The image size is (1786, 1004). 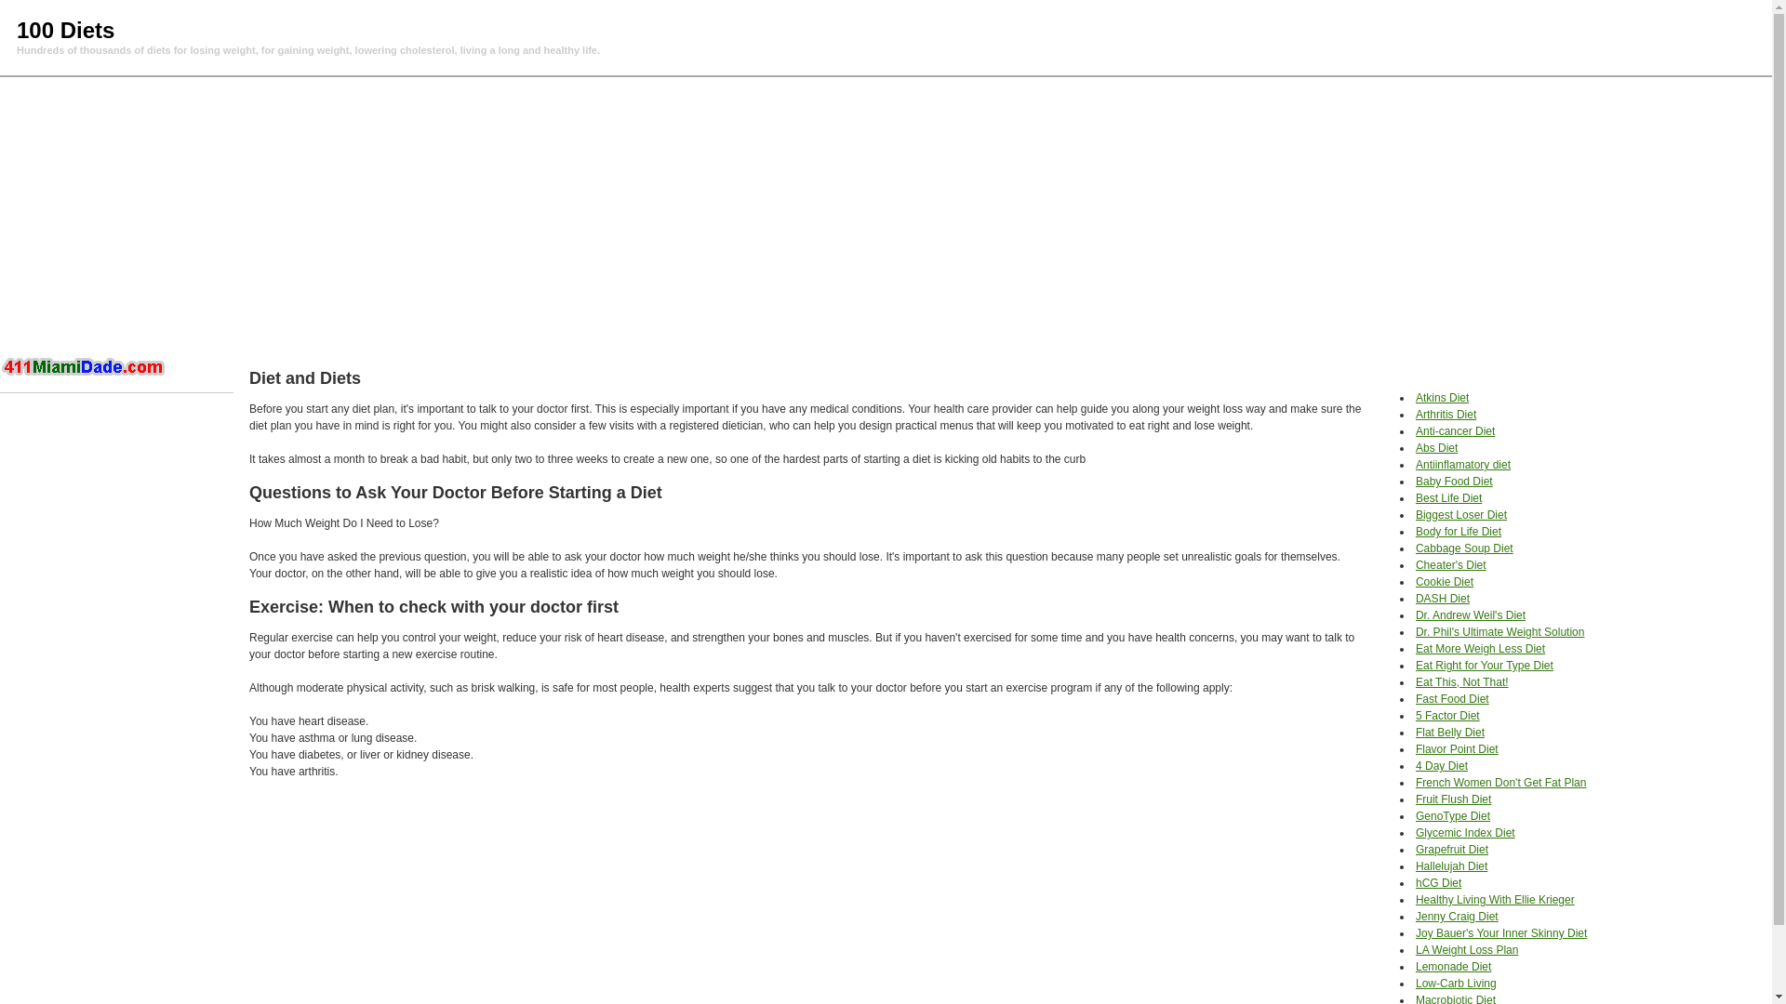 I want to click on 'Body for Life Diet', so click(x=1458, y=531).